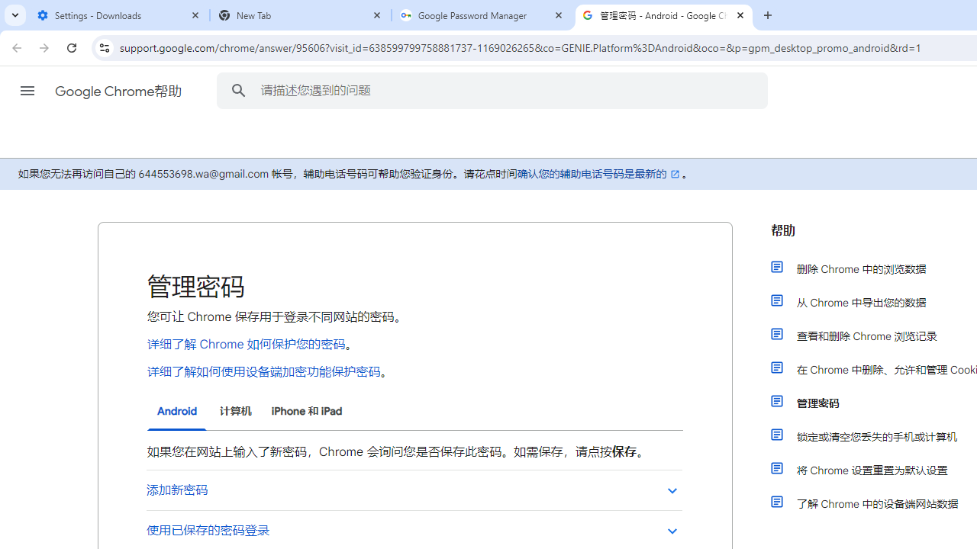 The height and width of the screenshot is (549, 977). Describe the element at coordinates (301, 15) in the screenshot. I see `'New Tab'` at that location.